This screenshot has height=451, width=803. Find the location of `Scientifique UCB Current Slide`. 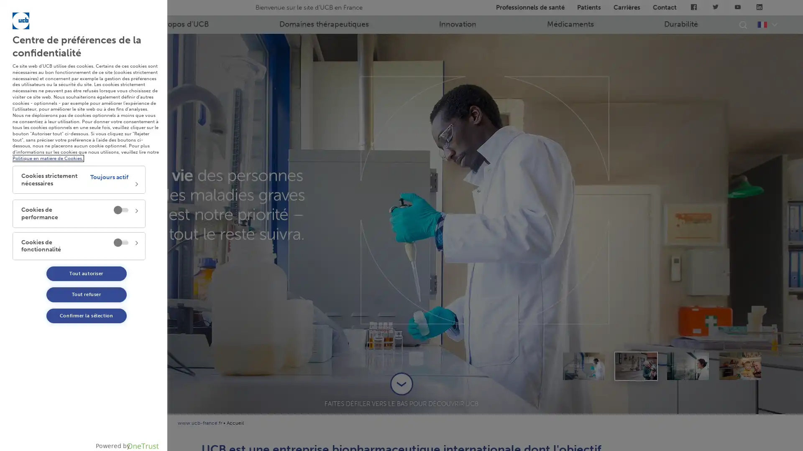

Scientifique UCB Current Slide is located at coordinates (688, 365).